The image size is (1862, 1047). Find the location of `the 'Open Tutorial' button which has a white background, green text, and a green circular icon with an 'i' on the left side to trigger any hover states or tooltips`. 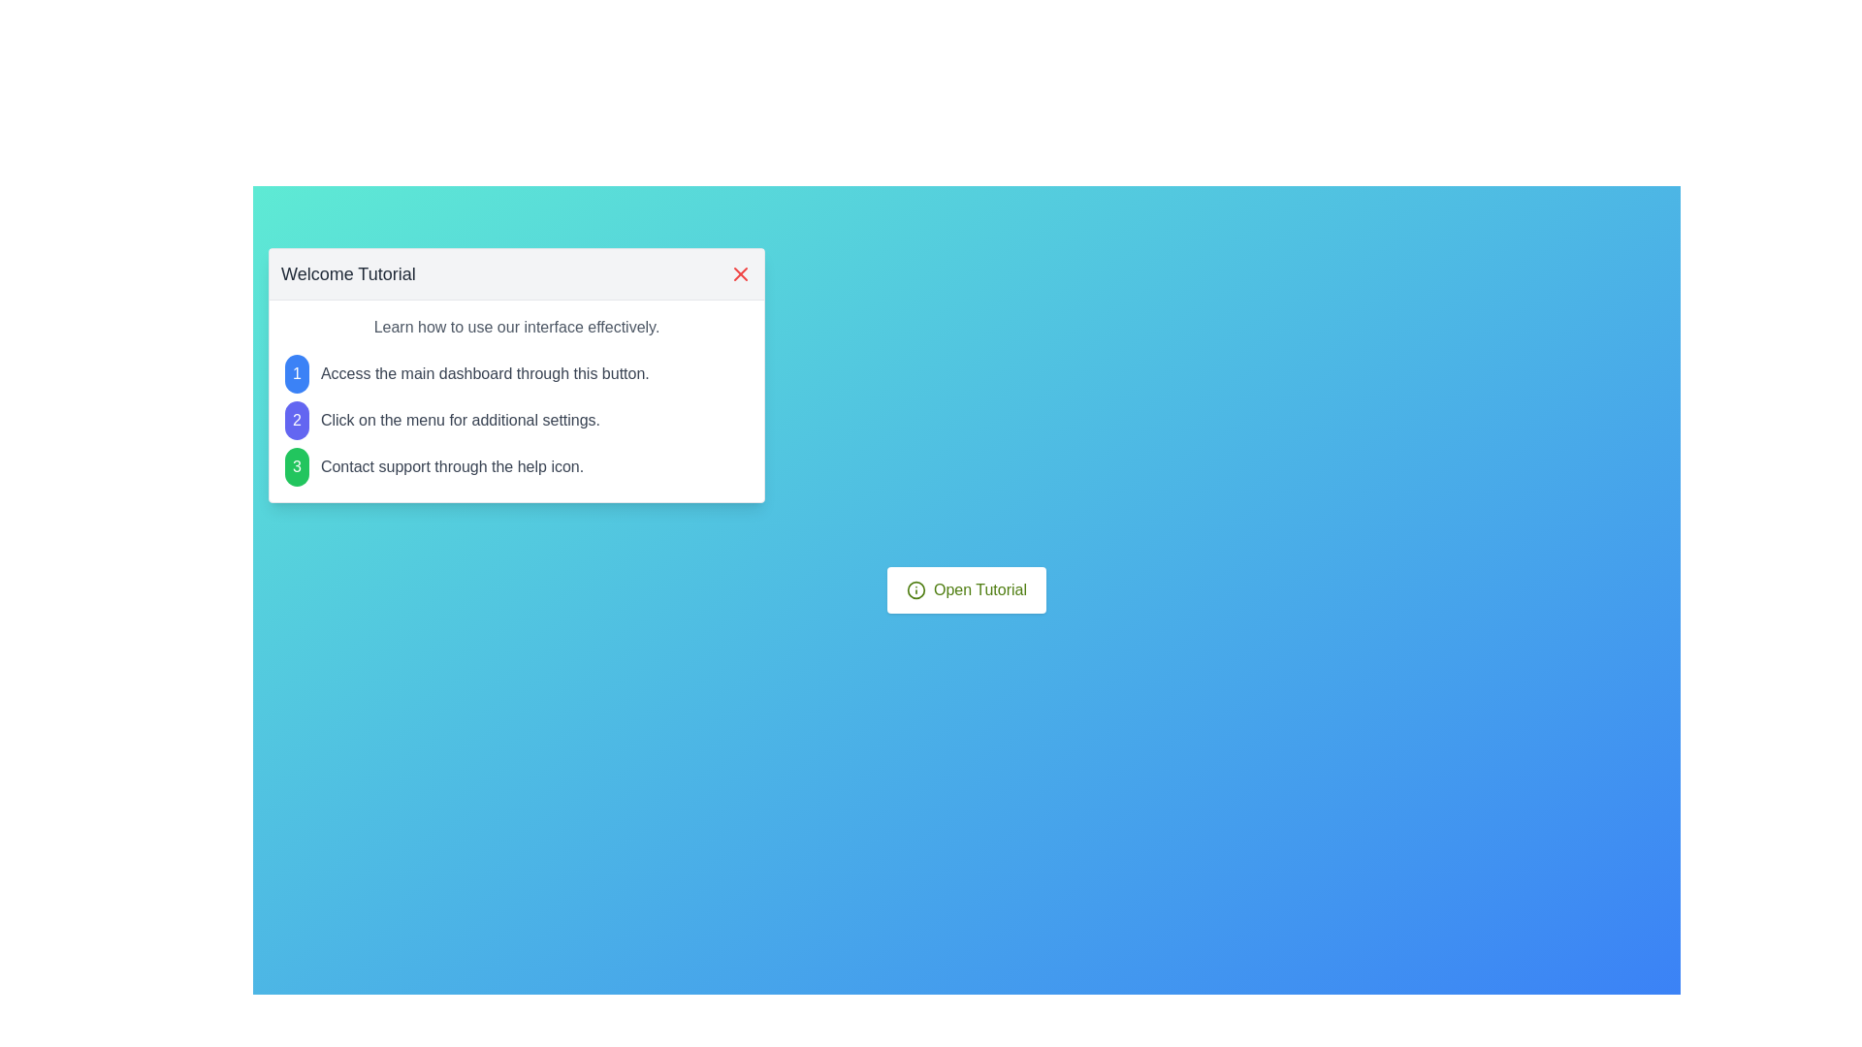

the 'Open Tutorial' button which has a white background, green text, and a green circular icon with an 'i' on the left side to trigger any hover states or tooltips is located at coordinates (967, 589).